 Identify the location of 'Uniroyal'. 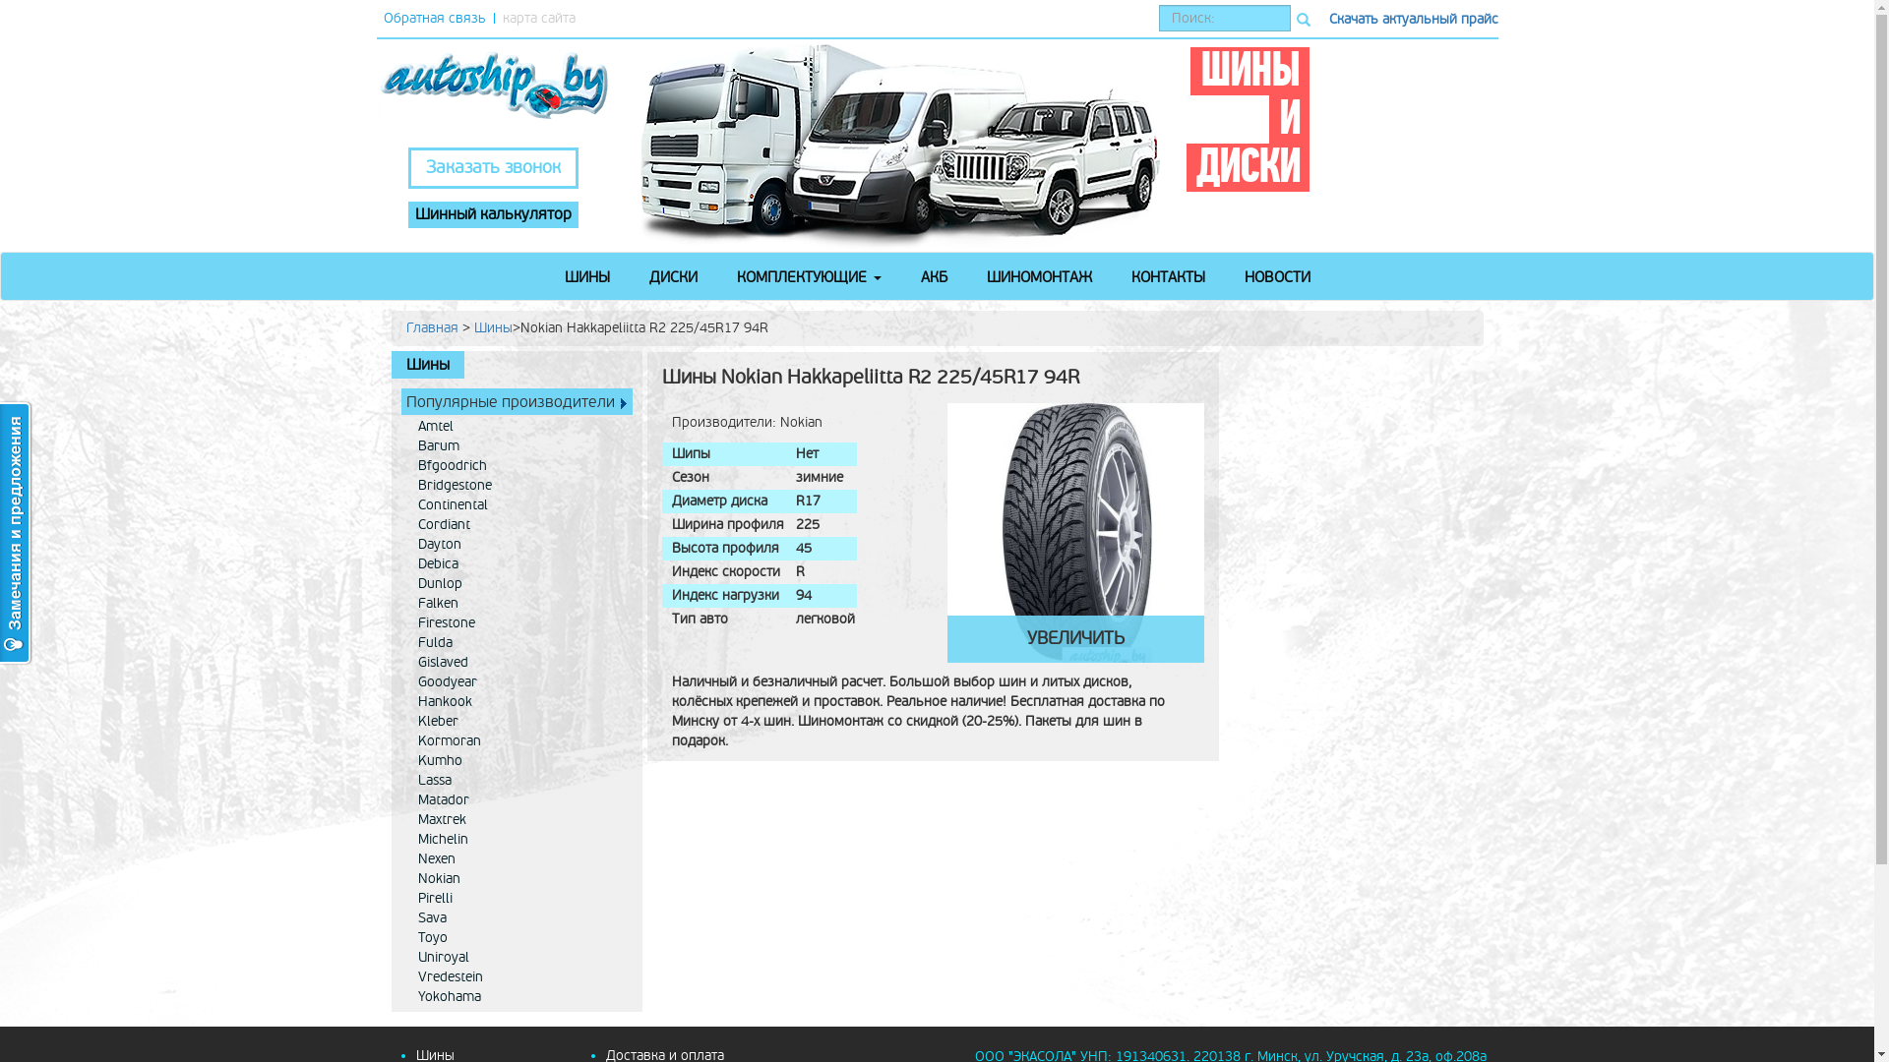
(519, 957).